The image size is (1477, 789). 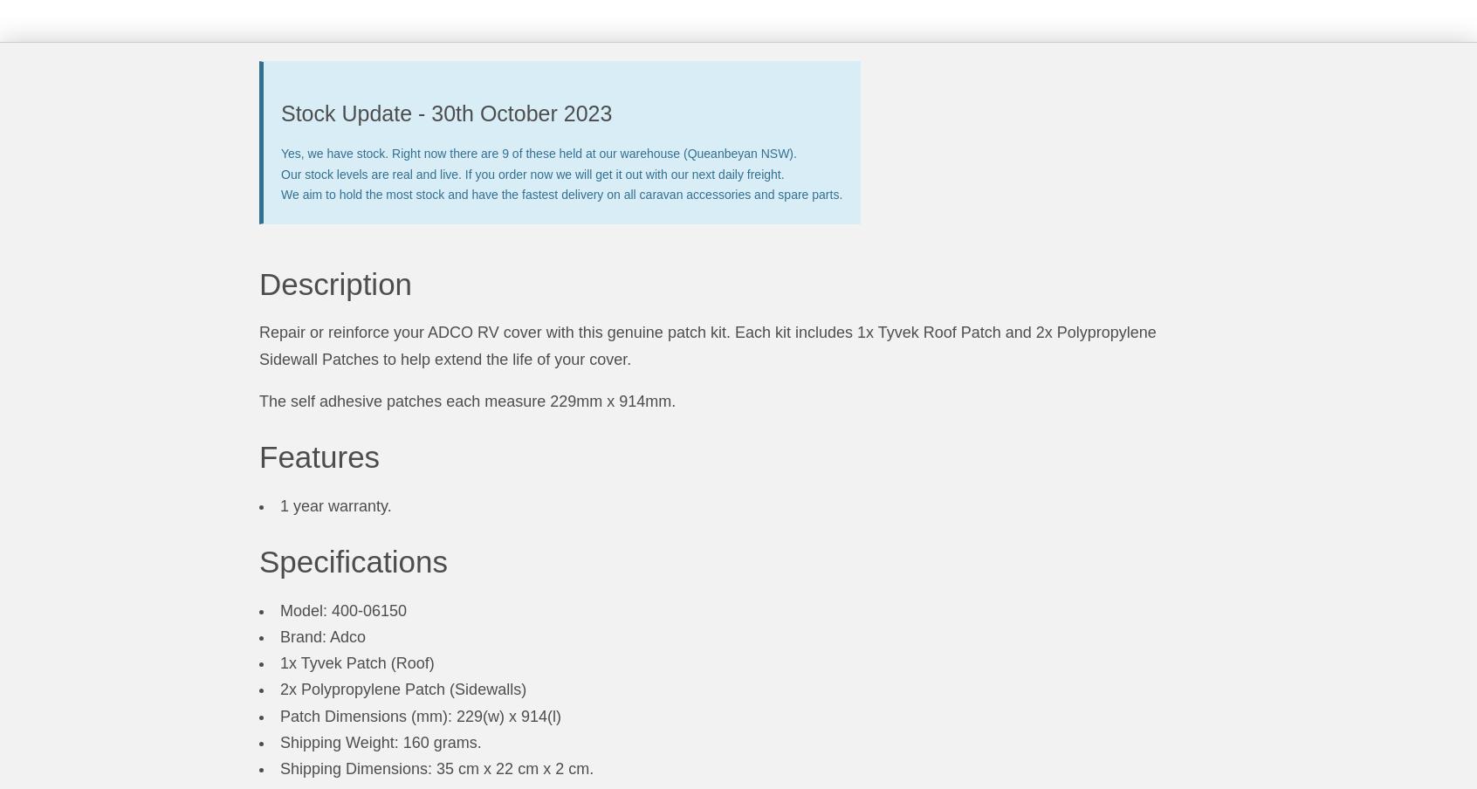 I want to click on 'Model: 400-06150', so click(x=278, y=608).